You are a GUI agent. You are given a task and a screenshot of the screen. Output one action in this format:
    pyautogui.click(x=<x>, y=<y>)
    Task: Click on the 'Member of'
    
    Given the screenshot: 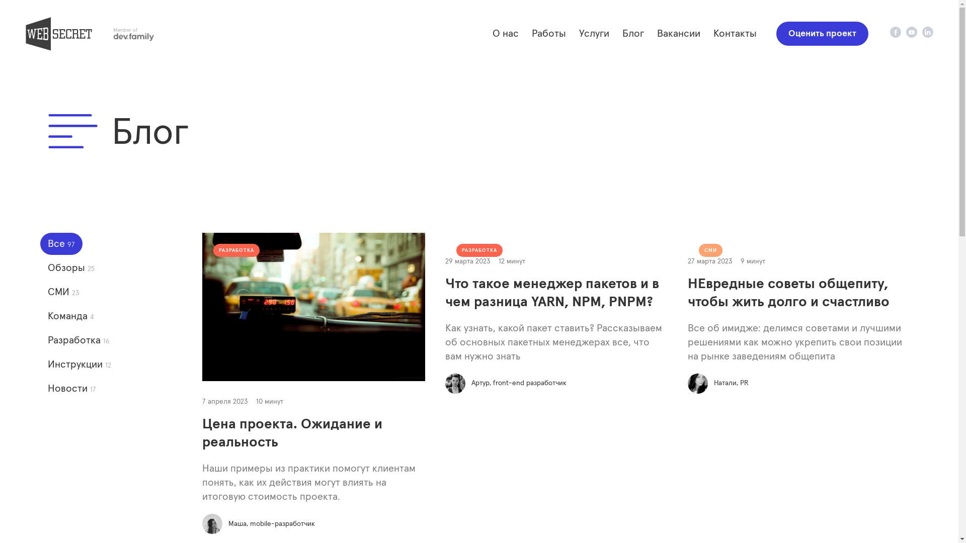 What is the action you would take?
    pyautogui.click(x=113, y=33)
    